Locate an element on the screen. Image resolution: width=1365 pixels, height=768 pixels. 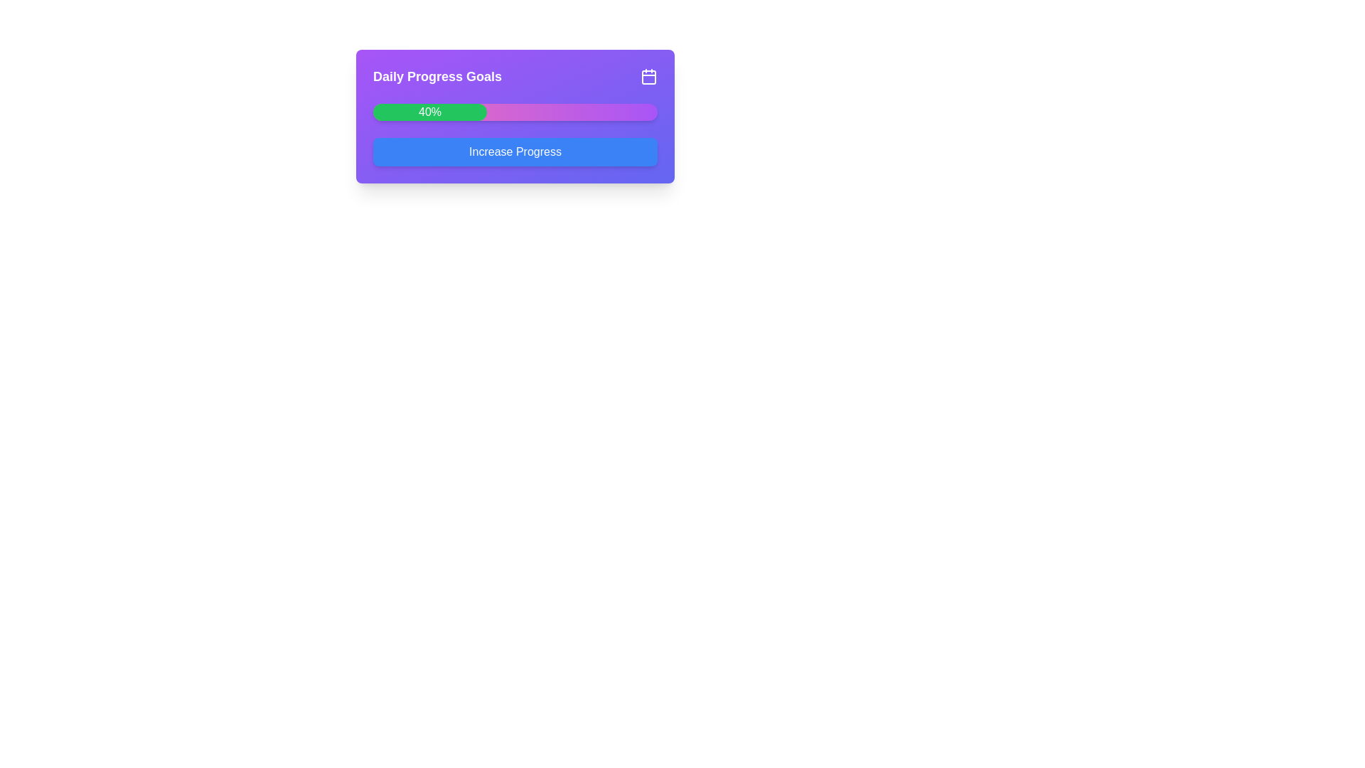
the Progress Bar Segment which is a rounded rectangular area with a green background showing '40%' text, located on the left side of the larger progress bar with a gradient purple-pink background is located at coordinates (429, 112).